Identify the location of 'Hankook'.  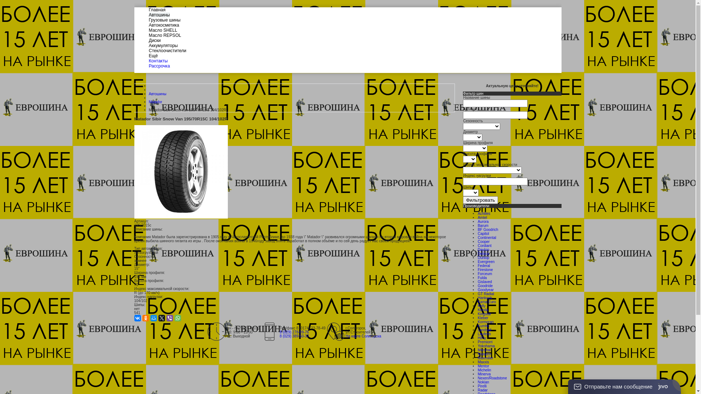
(484, 298).